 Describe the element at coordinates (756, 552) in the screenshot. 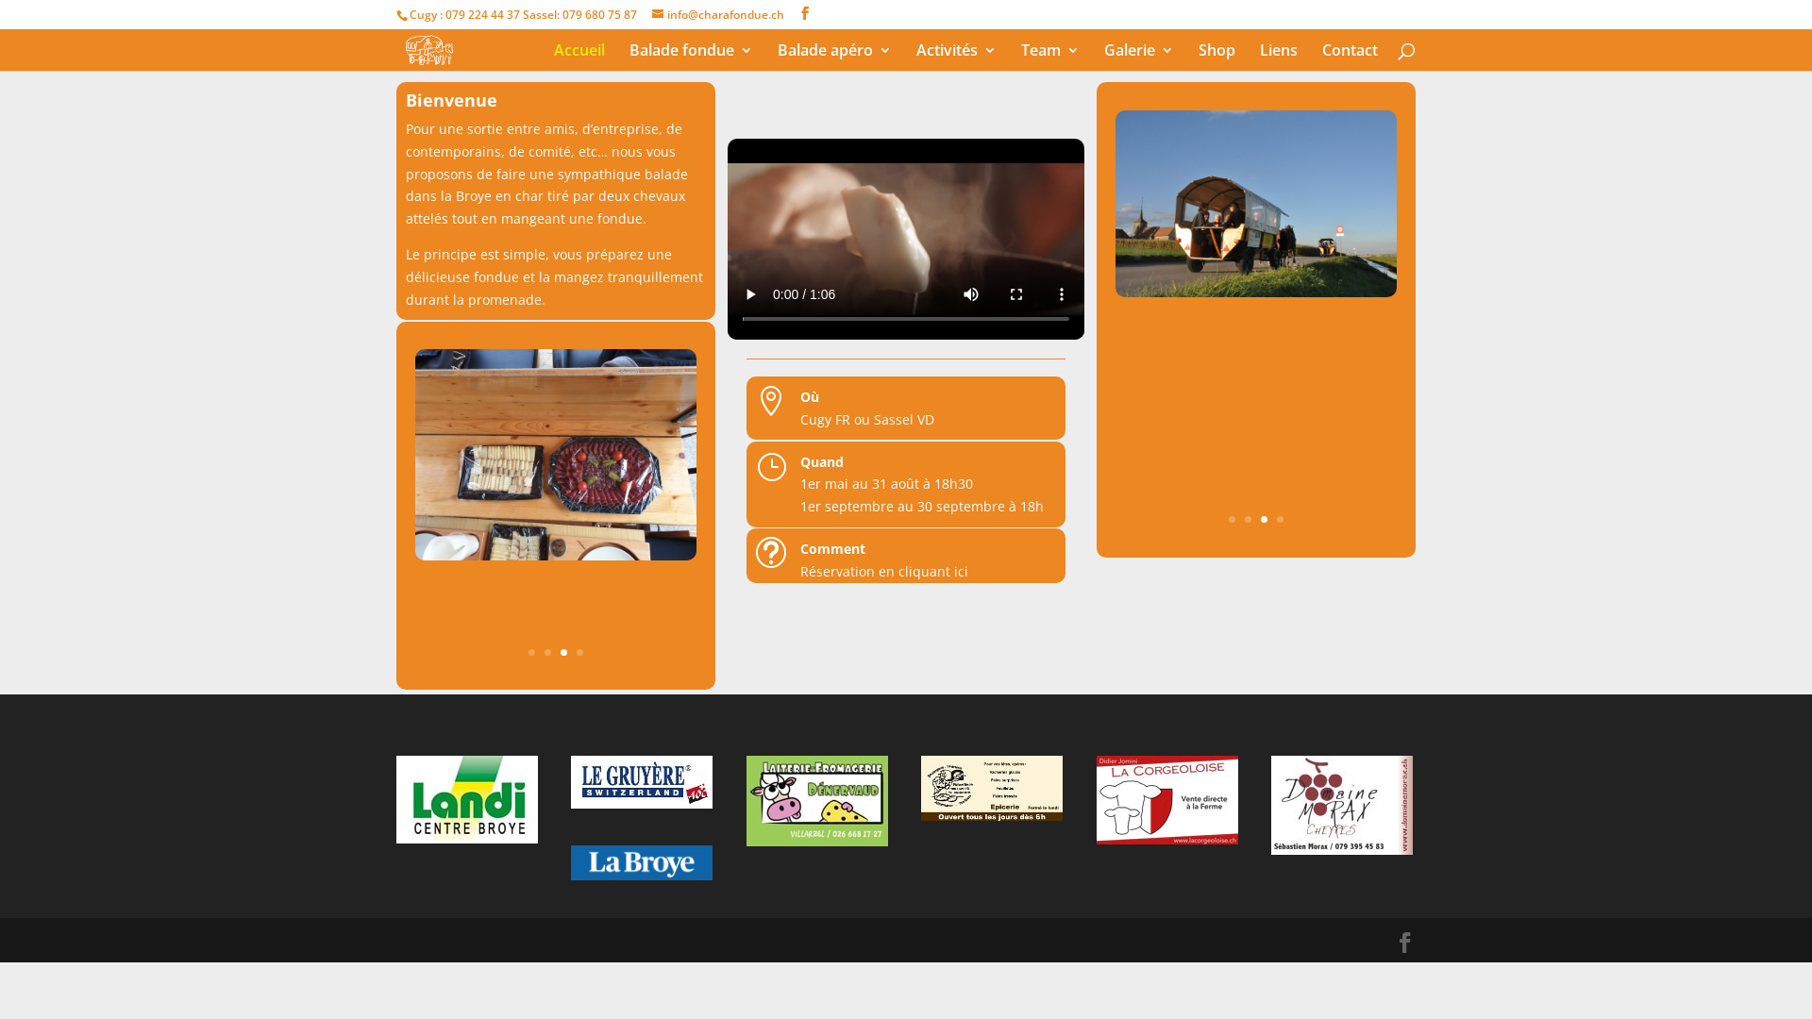

I see `'t'` at that location.